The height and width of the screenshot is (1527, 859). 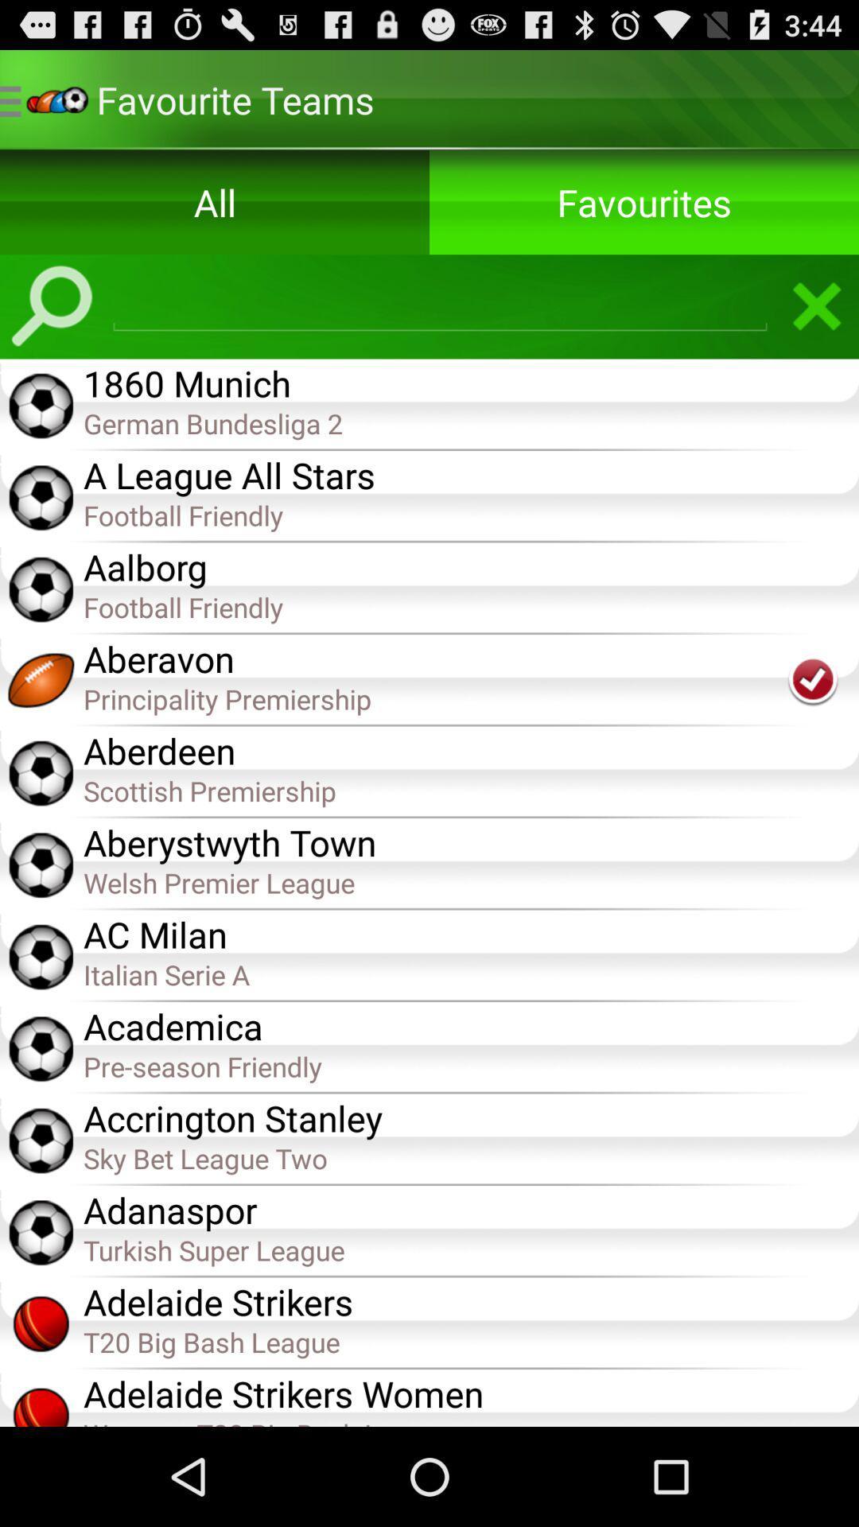 What do you see at coordinates (470, 382) in the screenshot?
I see `the icon above german bundesliga 2` at bounding box center [470, 382].